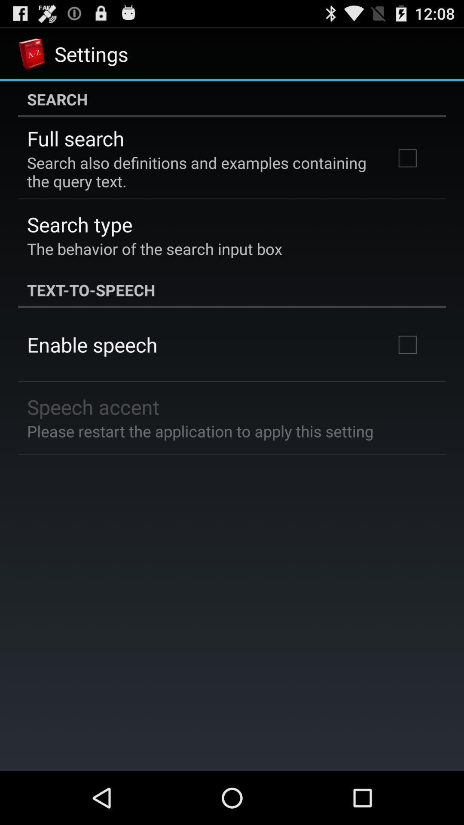  I want to click on speech accent item, so click(93, 406).